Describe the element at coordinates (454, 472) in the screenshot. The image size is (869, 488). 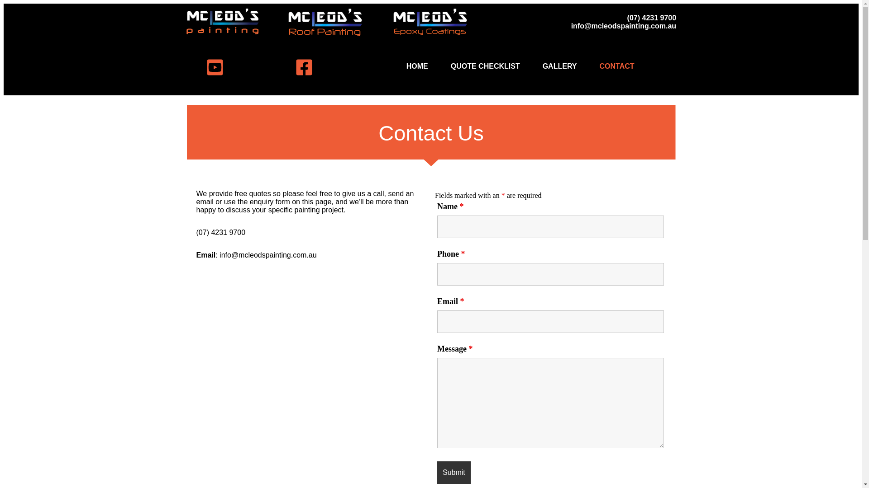
I see `'Submit'` at that location.